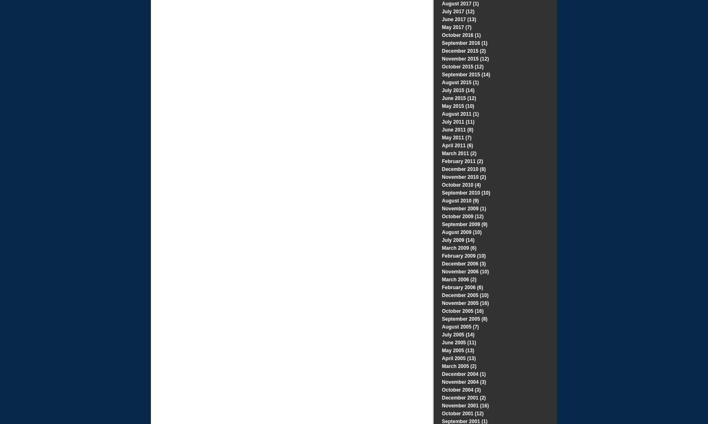 The width and height of the screenshot is (708, 424). I want to click on 'August 2009 (10)', so click(461, 232).